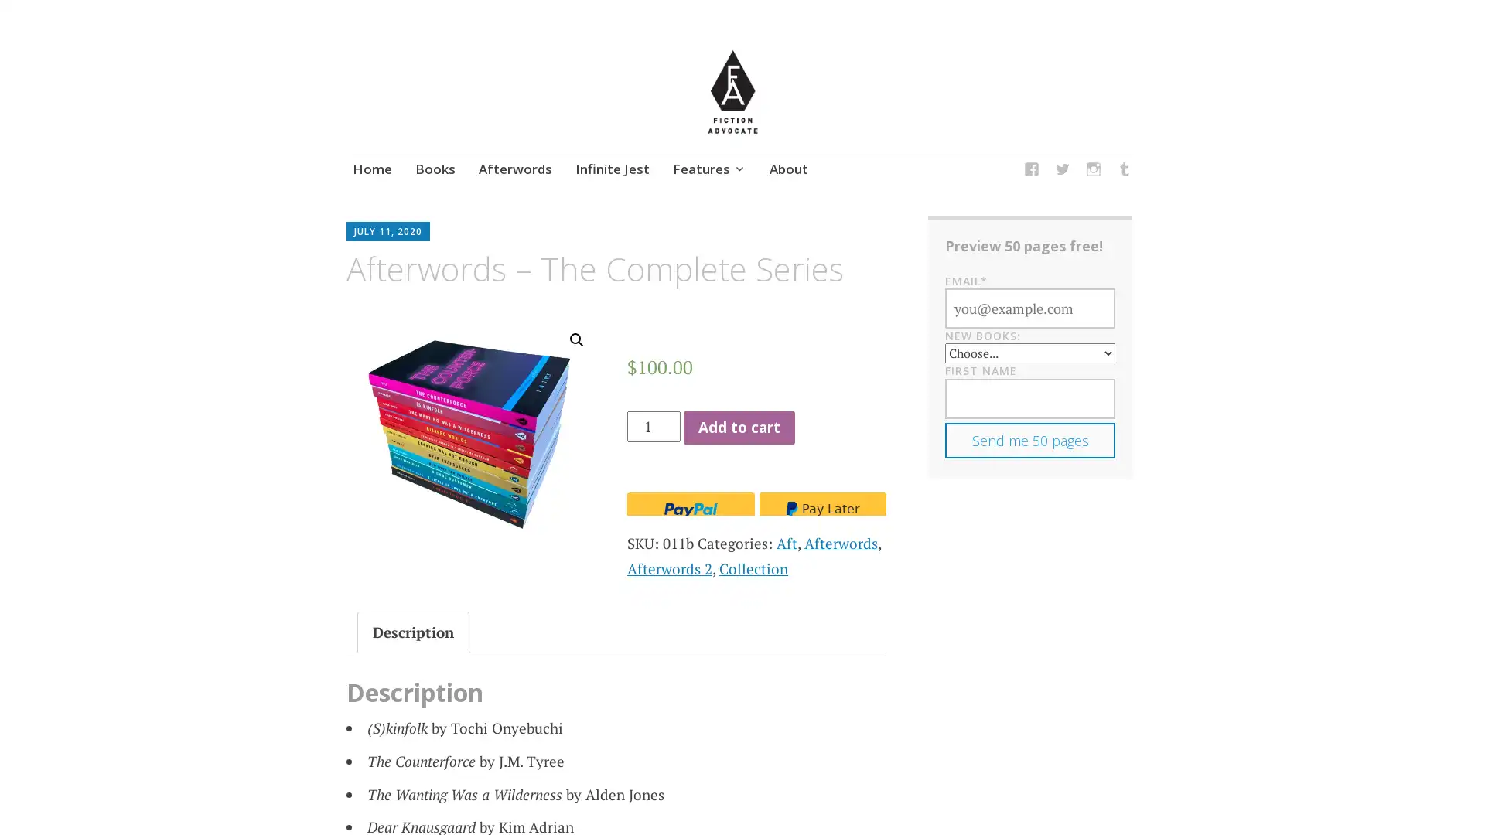 Image resolution: width=1485 pixels, height=835 pixels. What do you see at coordinates (1030, 440) in the screenshot?
I see `Send me 50 pages` at bounding box center [1030, 440].